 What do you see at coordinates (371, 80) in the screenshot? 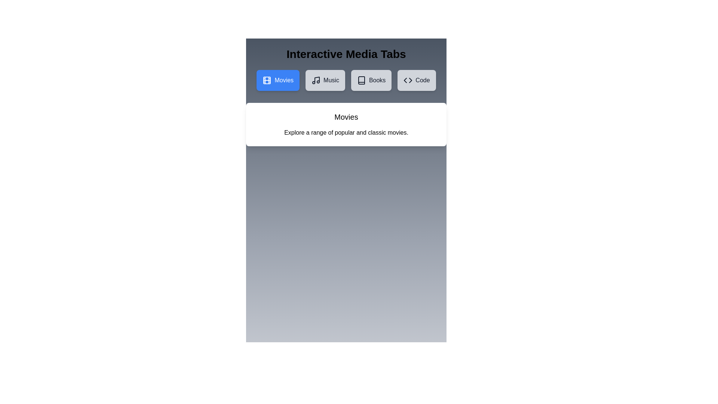
I see `the Books tab by clicking the respective tab button` at bounding box center [371, 80].